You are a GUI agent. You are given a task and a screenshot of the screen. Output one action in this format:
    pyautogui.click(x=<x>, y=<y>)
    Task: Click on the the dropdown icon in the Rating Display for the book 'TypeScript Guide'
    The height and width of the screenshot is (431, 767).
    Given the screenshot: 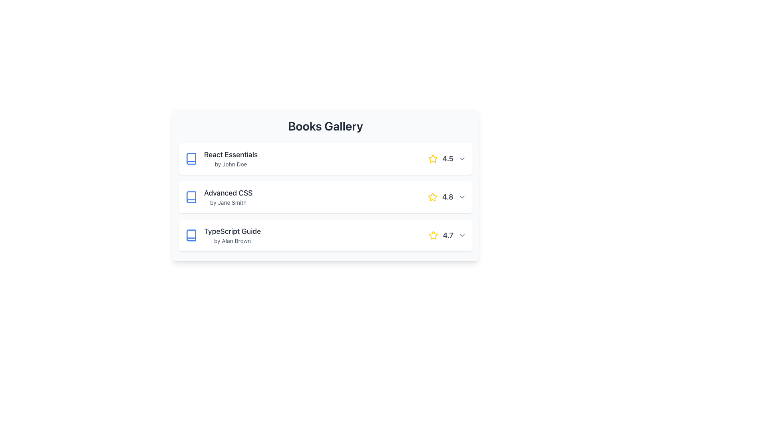 What is the action you would take?
    pyautogui.click(x=447, y=235)
    